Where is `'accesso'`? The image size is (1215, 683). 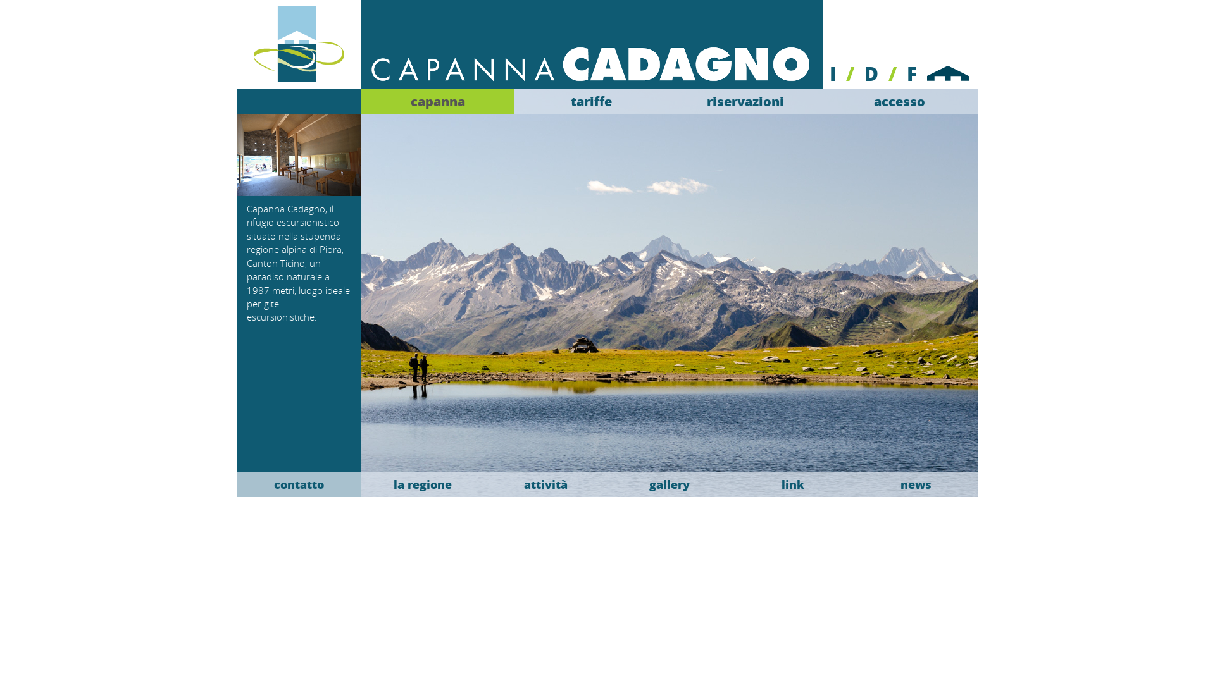 'accesso' is located at coordinates (899, 100).